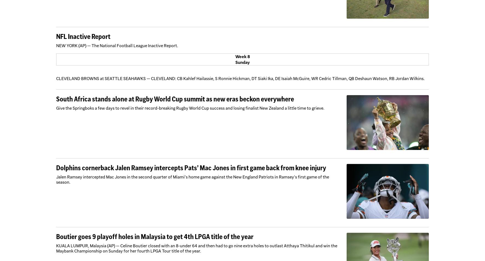 This screenshot has height=261, width=485. I want to click on 'Jalen Ramsey intercepted Mac Jones in the second quarter of Miami’s home game against the New England Patriots in Ramsey’s first game of the season.', so click(192, 179).